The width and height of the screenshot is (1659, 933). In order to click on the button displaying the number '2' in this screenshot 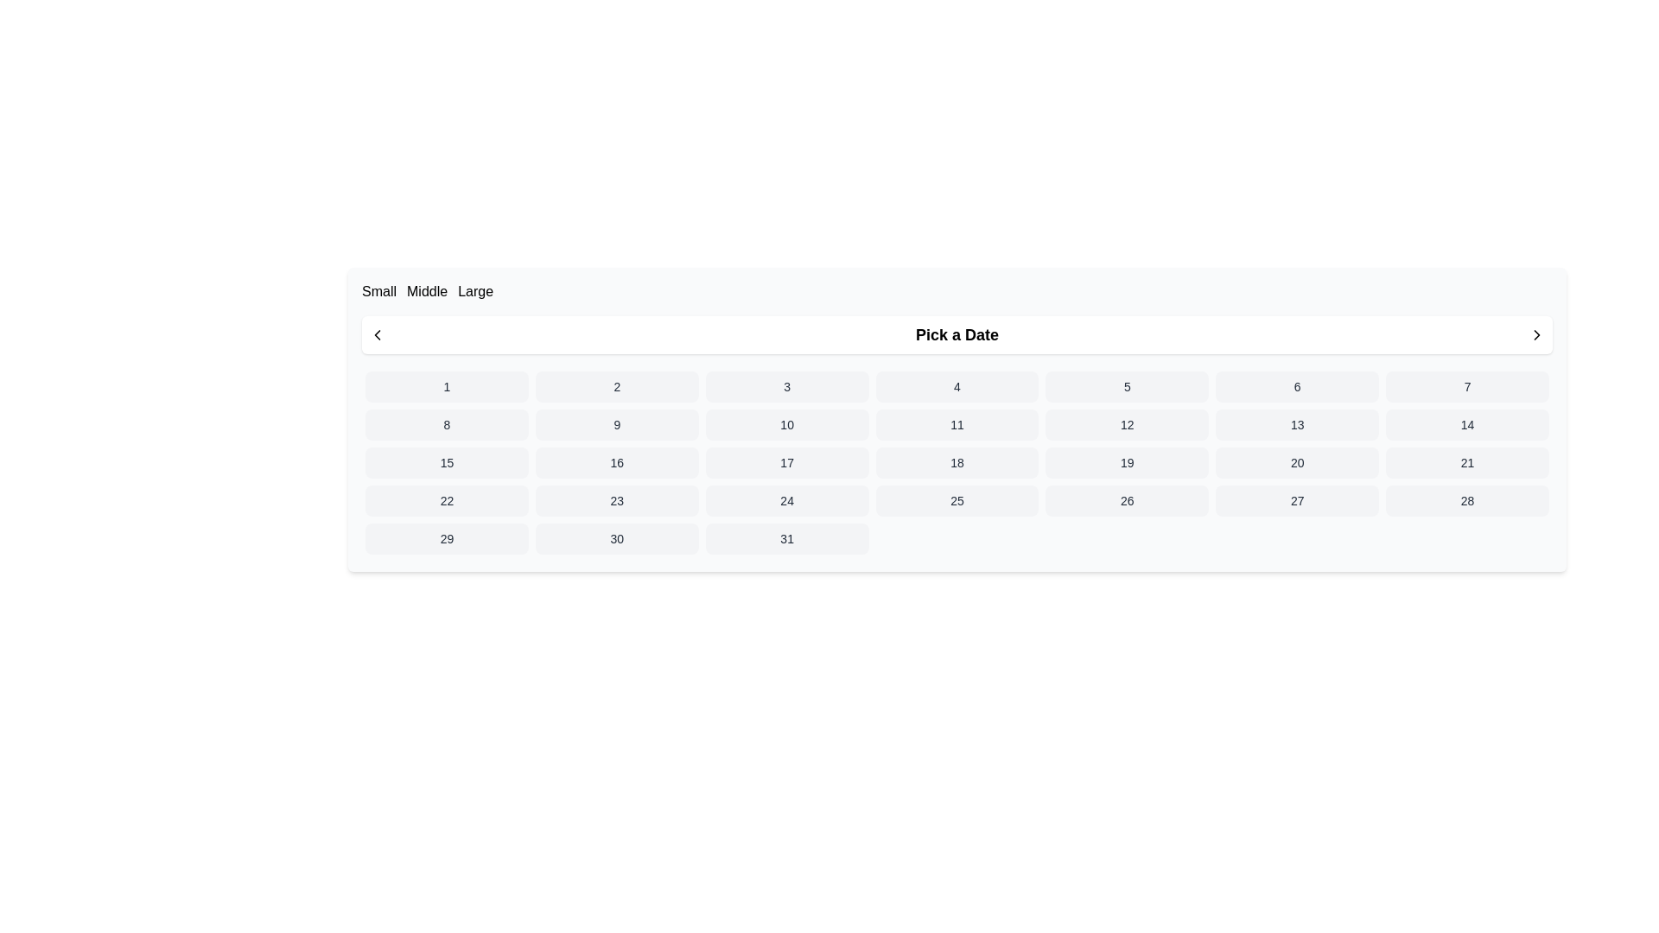, I will do `click(617, 385)`.